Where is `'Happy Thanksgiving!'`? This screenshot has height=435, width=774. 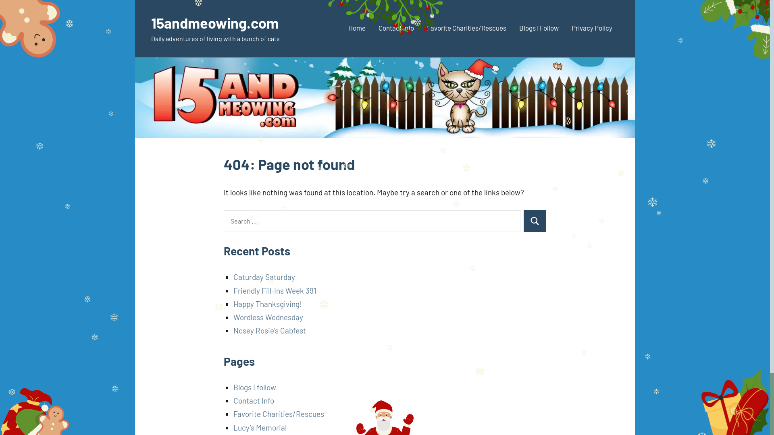 'Happy Thanksgiving!' is located at coordinates (233, 304).